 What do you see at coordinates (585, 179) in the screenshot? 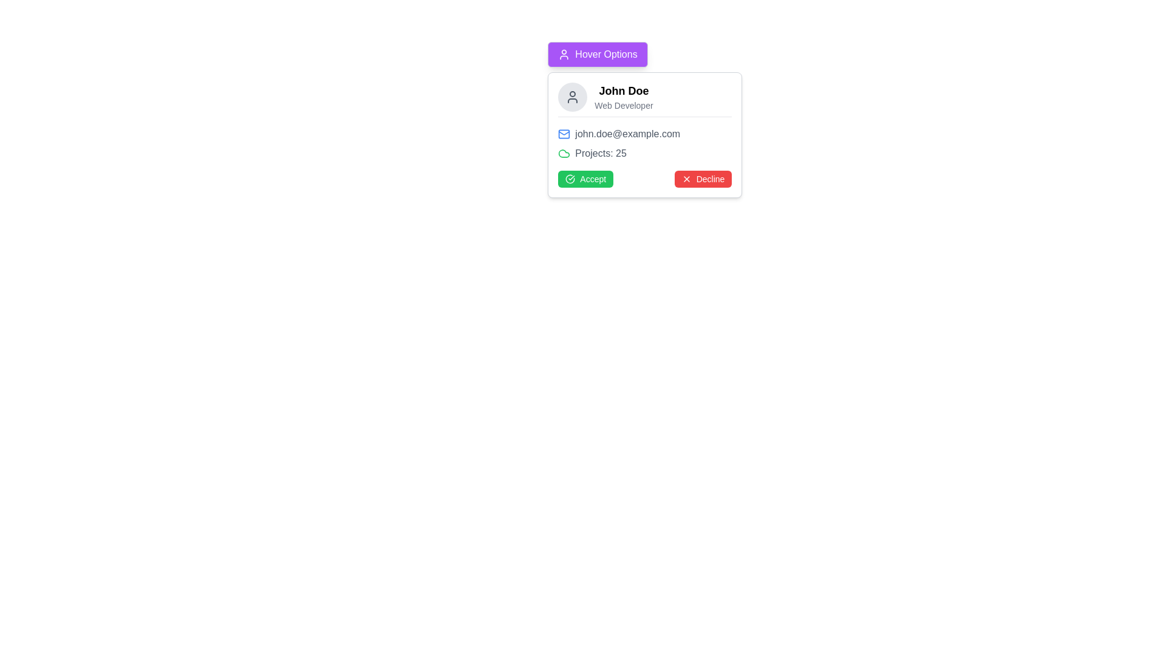
I see `the green 'Accept' button with a white checkmark icon on its left side to accept the option` at bounding box center [585, 179].